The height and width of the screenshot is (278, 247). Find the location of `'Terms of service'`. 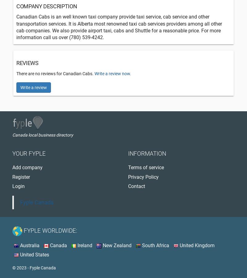

'Terms of service' is located at coordinates (146, 167).